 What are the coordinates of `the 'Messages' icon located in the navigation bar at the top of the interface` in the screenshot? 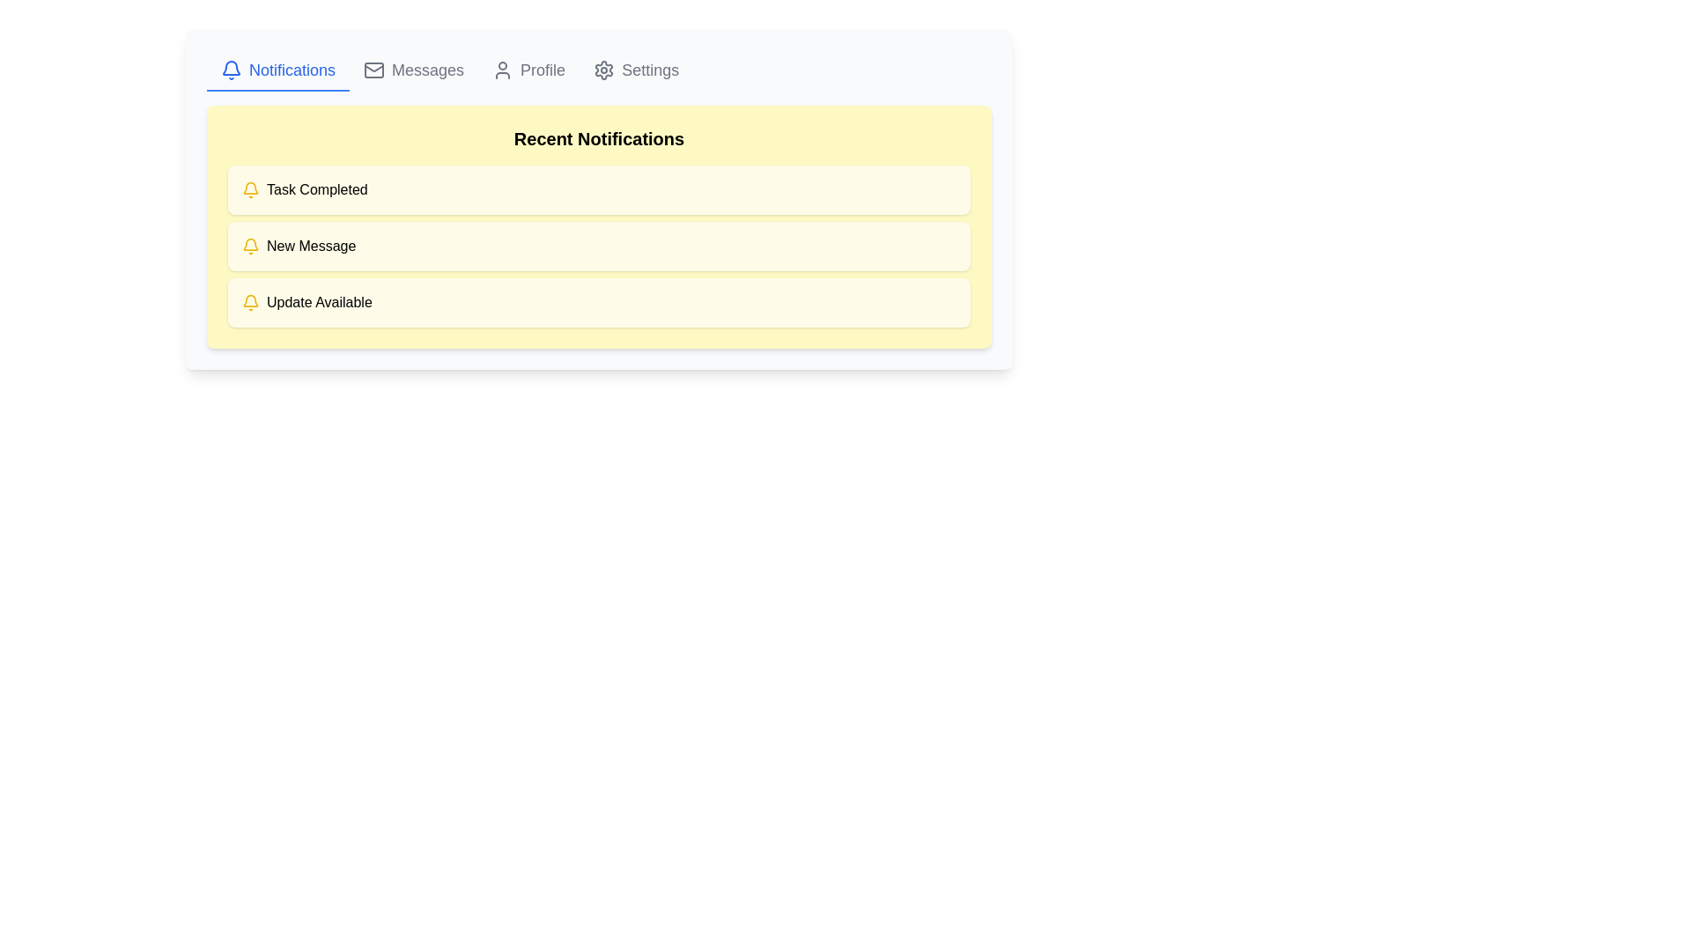 It's located at (373, 70).